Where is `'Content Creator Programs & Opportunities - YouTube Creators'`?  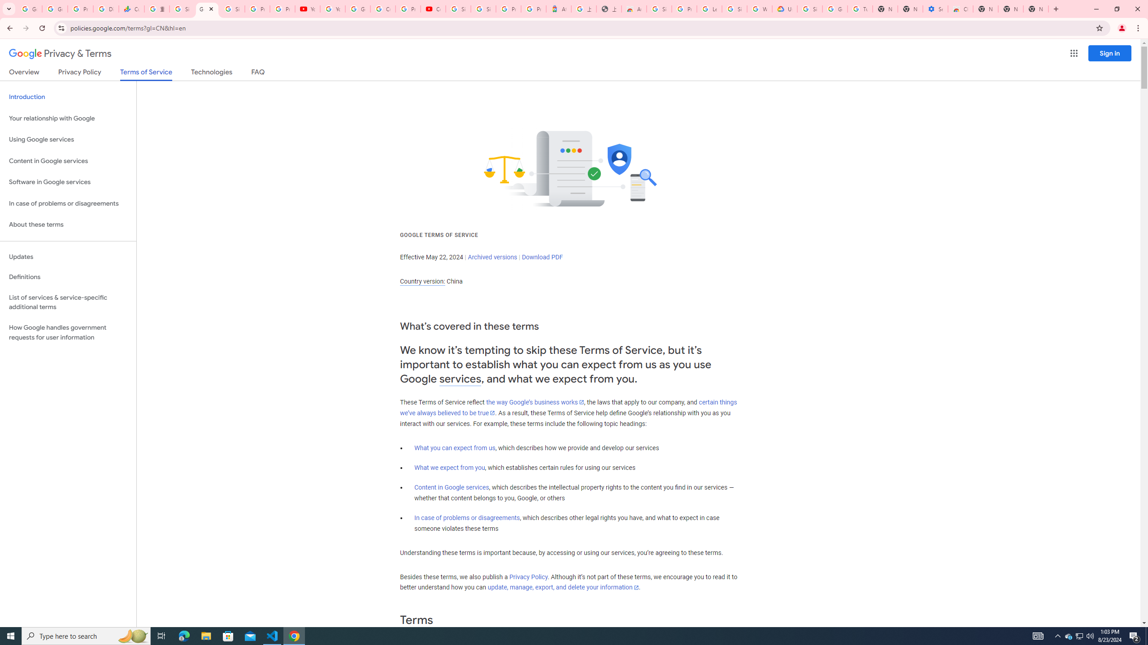 'Content Creator Programs & Opportunities - YouTube Creators' is located at coordinates (433, 9).